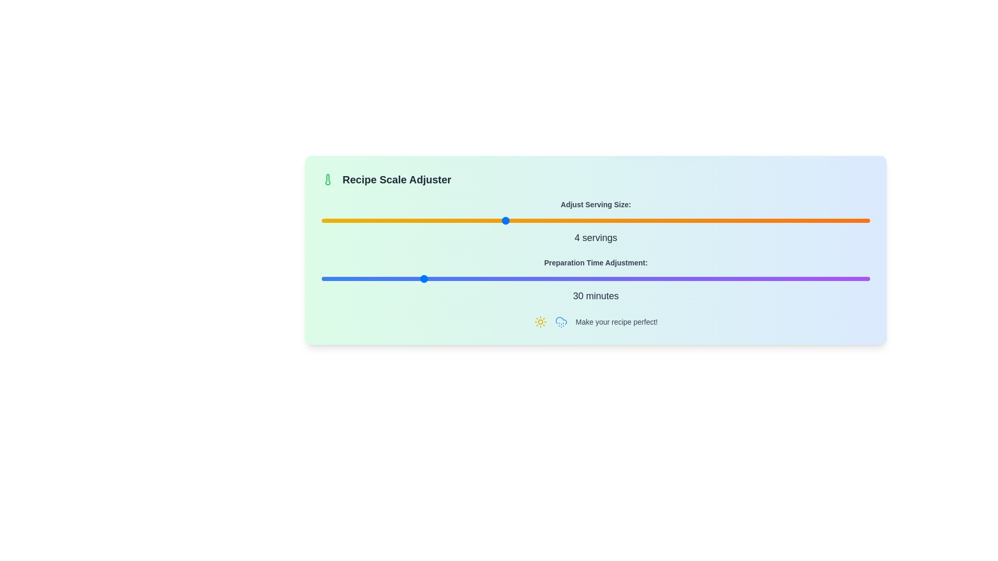  I want to click on the range slider located under 'Adjust Serving Size:' and above '4 servings' in the 'Recipe Scale Adjuster' section, so click(596, 220).